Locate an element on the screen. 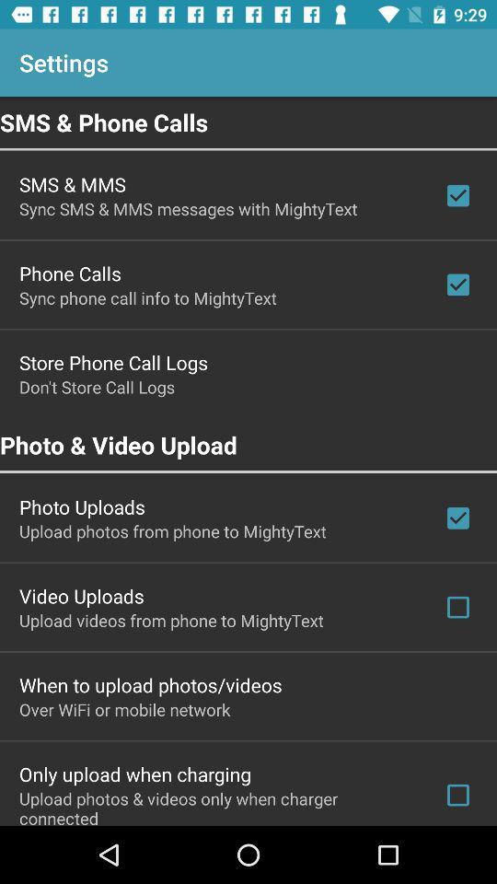 This screenshot has height=884, width=497. the app above the only upload when app is located at coordinates (124, 708).